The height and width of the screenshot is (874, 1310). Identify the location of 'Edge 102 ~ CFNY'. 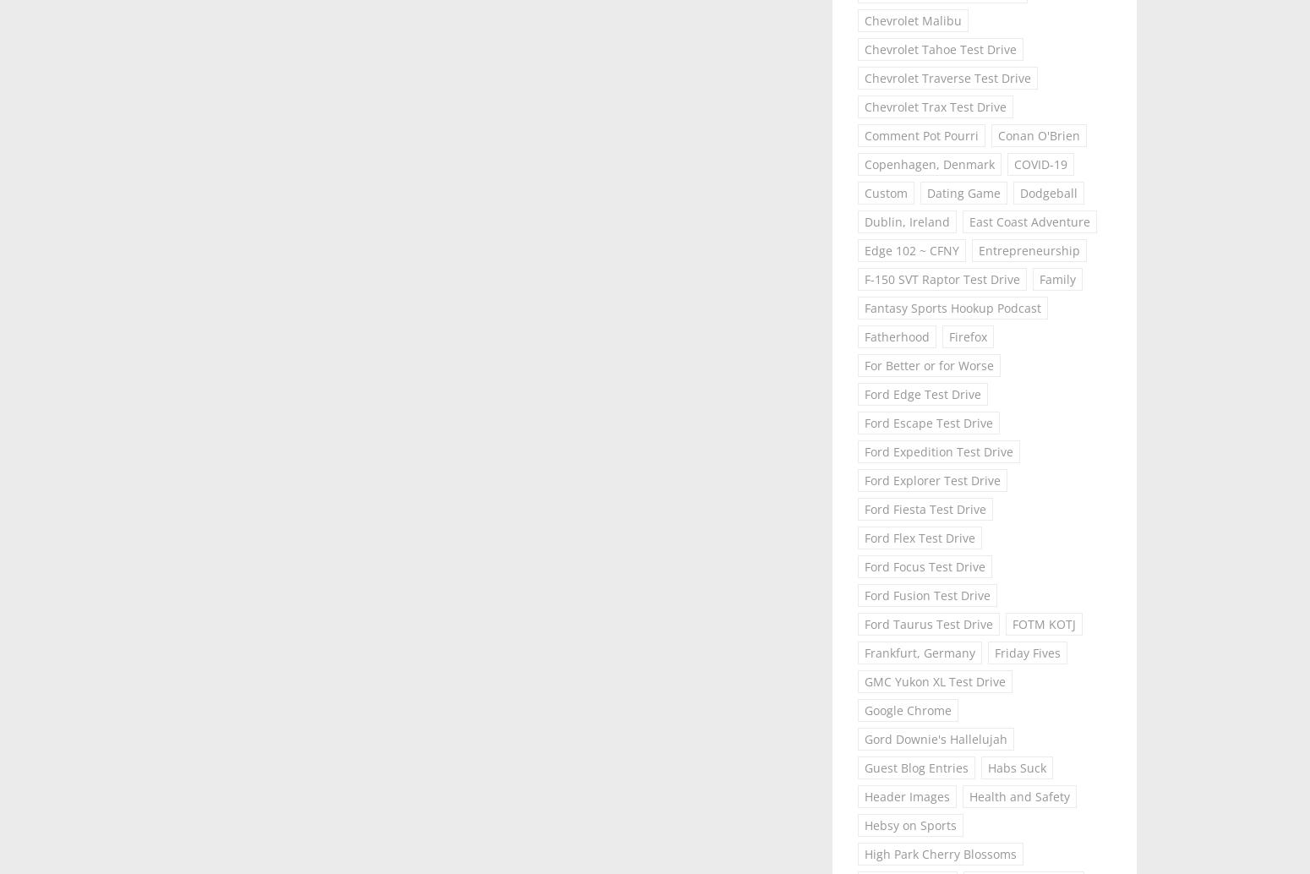
(911, 249).